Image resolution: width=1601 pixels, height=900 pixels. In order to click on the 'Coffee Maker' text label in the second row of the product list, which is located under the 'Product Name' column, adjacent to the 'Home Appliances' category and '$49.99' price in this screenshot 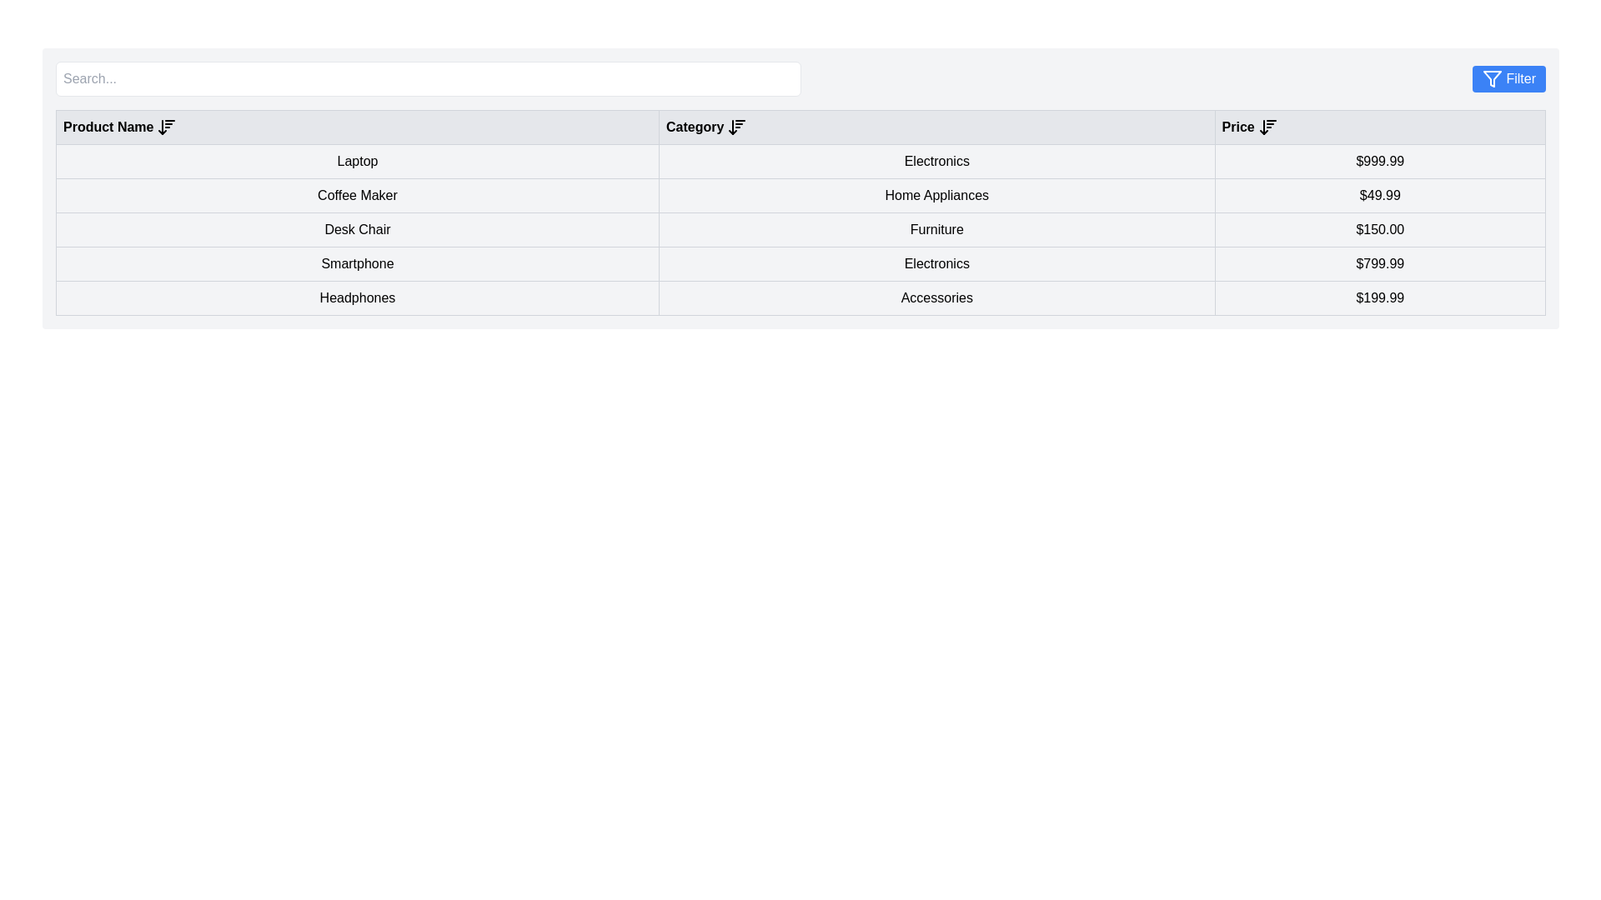, I will do `click(356, 195)`.